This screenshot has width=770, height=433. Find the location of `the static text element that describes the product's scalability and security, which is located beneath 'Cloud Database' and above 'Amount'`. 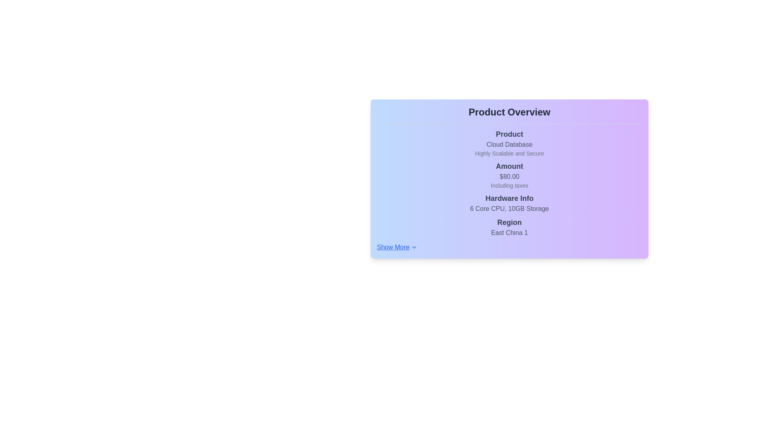

the static text element that describes the product's scalability and security, which is located beneath 'Cloud Database' and above 'Amount' is located at coordinates (509, 153).